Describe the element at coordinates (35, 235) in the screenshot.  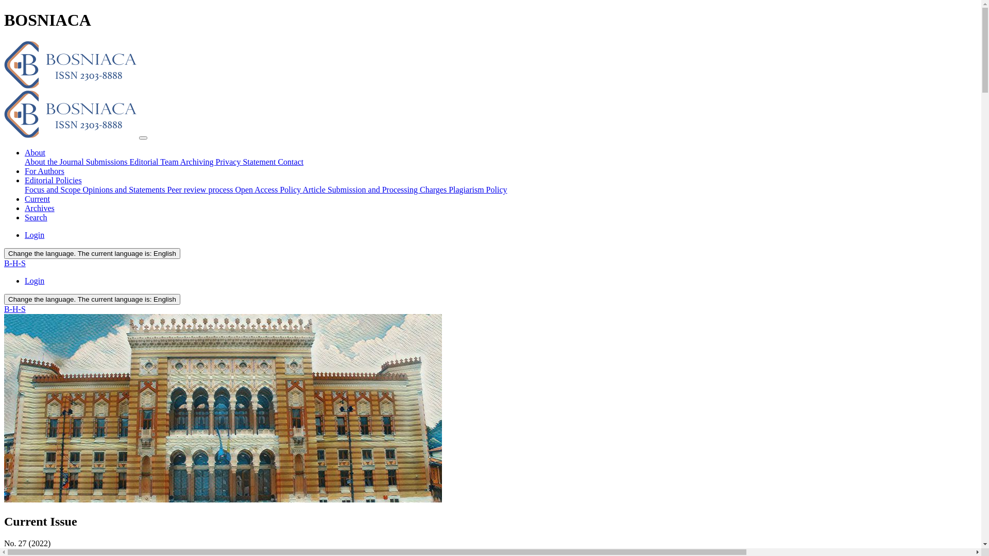
I see `'Login'` at that location.